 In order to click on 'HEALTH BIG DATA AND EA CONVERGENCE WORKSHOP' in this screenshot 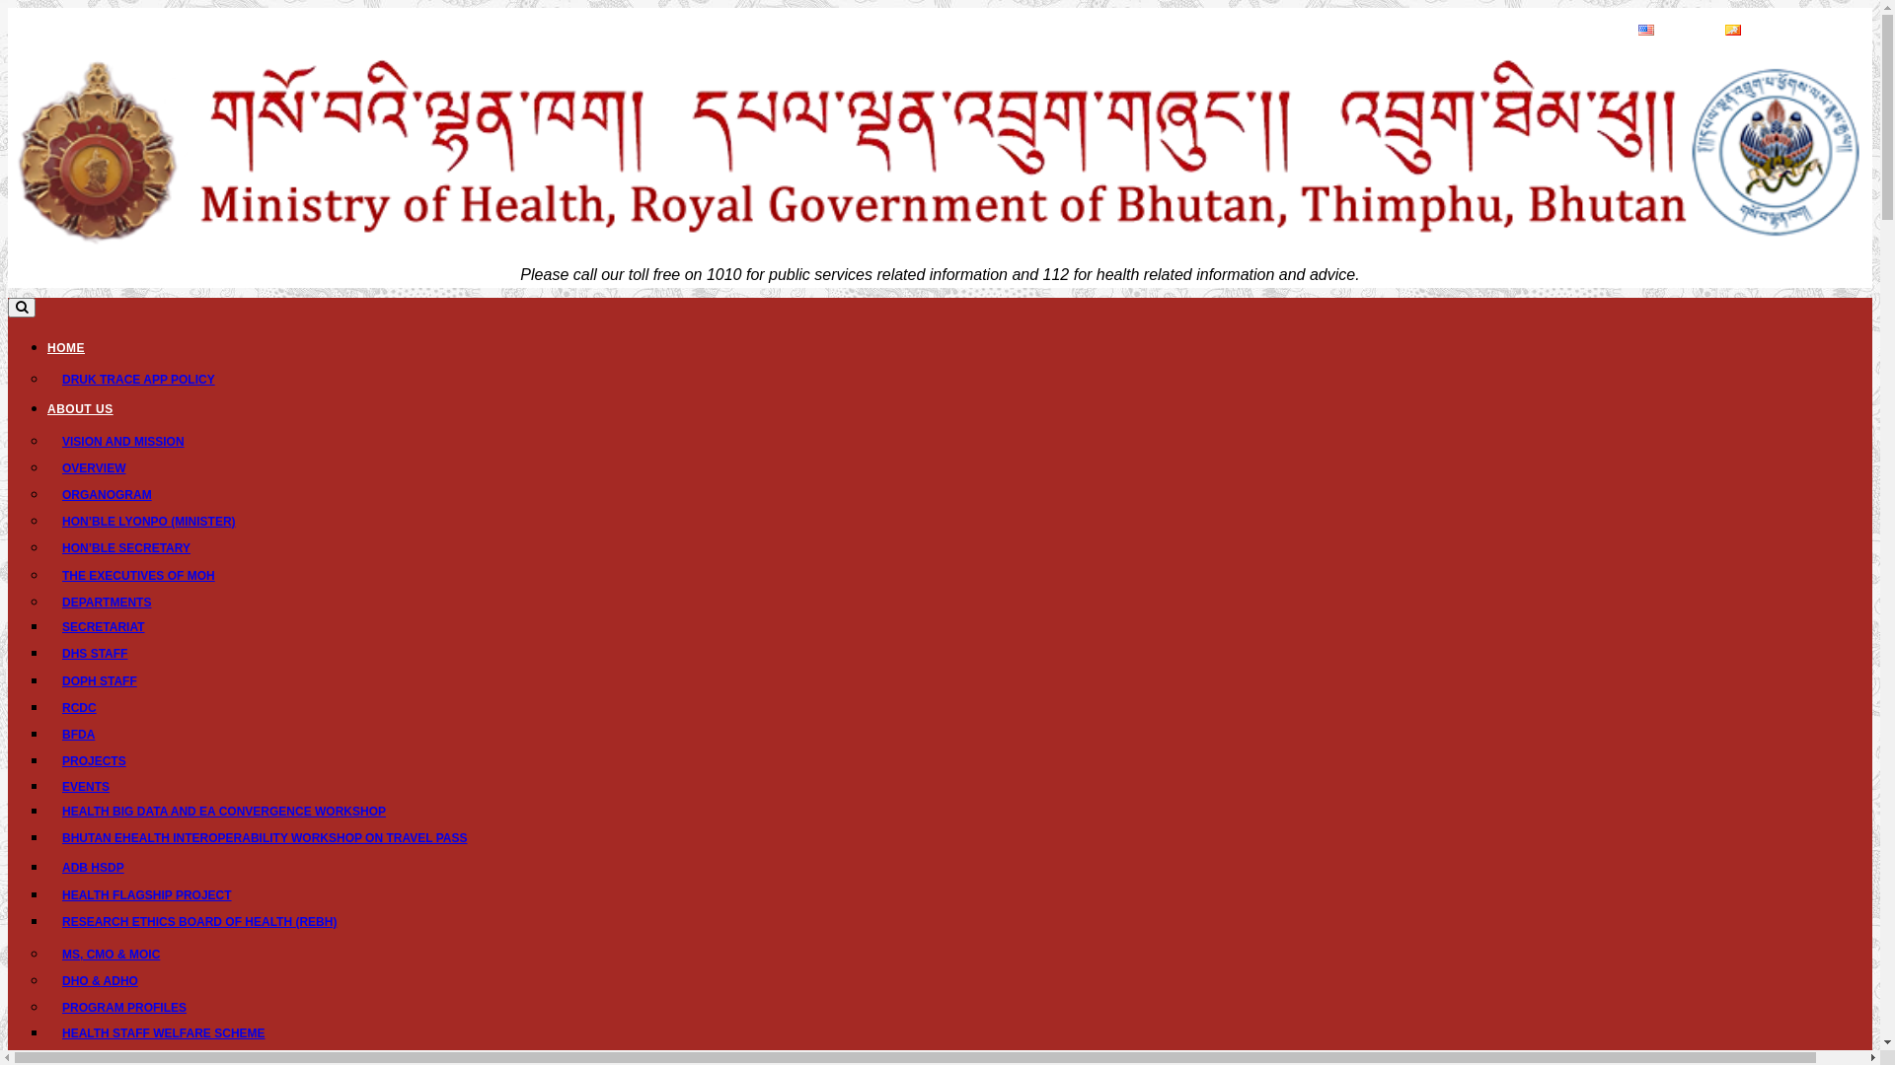, I will do `click(233, 811)`.